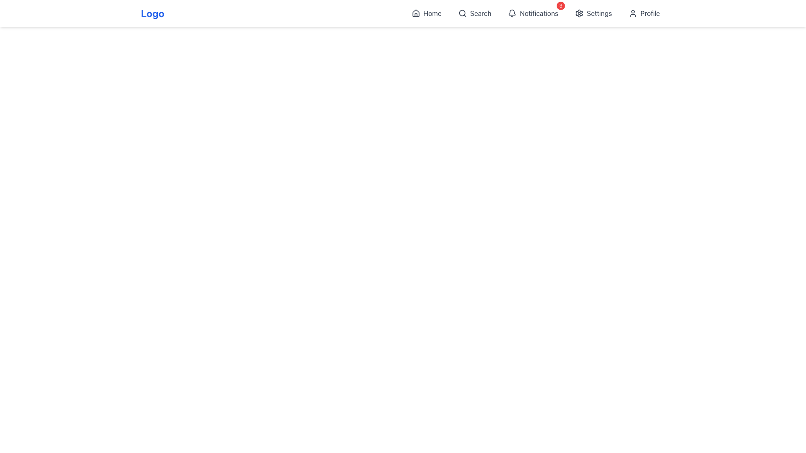 The height and width of the screenshot is (453, 806). Describe the element at coordinates (462, 13) in the screenshot. I see `the search icon located in the navigation bar to the left of the 'Search' text` at that location.